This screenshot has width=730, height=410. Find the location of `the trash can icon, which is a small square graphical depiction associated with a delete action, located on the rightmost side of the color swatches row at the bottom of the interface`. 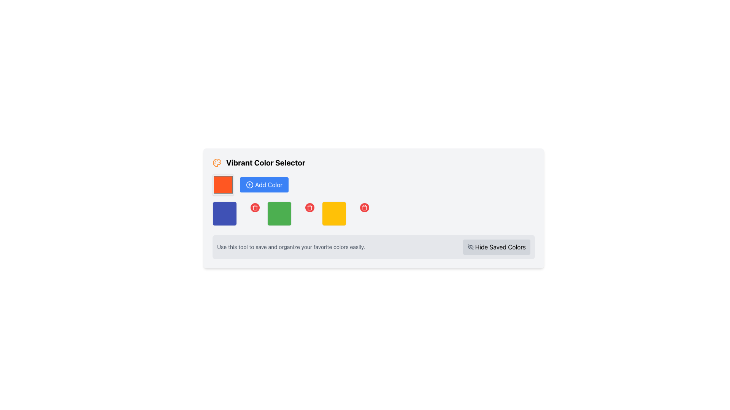

the trash can icon, which is a small square graphical depiction associated with a delete action, located on the rightmost side of the color swatches row at the bottom of the interface is located at coordinates (310, 208).